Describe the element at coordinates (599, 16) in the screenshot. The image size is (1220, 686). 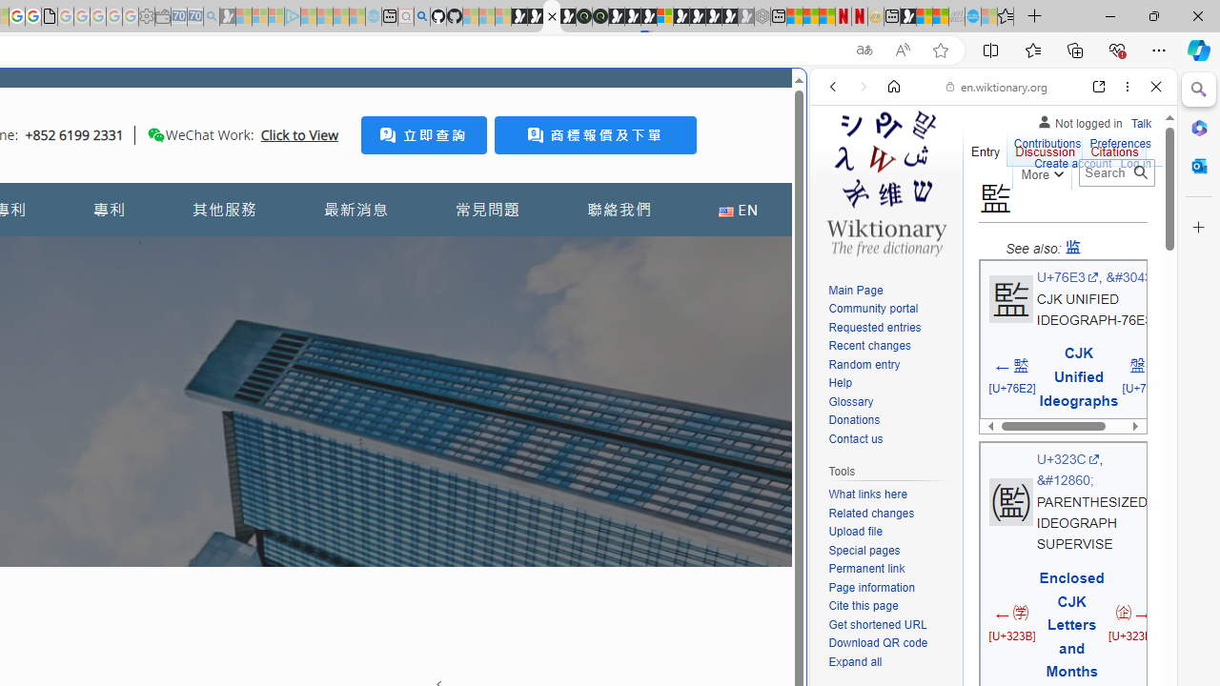
I see `'Future Focus Report 2024'` at that location.